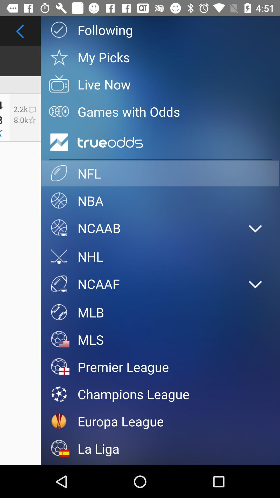 This screenshot has height=498, width=280. Describe the element at coordinates (140, 228) in the screenshot. I see `ncaab item` at that location.